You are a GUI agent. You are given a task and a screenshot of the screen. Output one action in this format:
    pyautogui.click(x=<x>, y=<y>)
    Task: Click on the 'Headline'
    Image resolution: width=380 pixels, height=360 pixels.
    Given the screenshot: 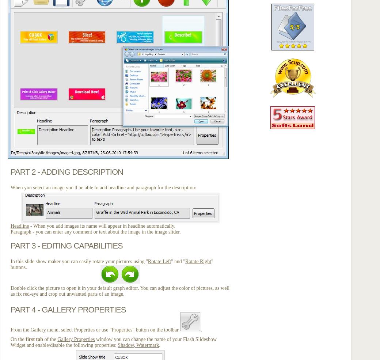 What is the action you would take?
    pyautogui.click(x=10, y=226)
    